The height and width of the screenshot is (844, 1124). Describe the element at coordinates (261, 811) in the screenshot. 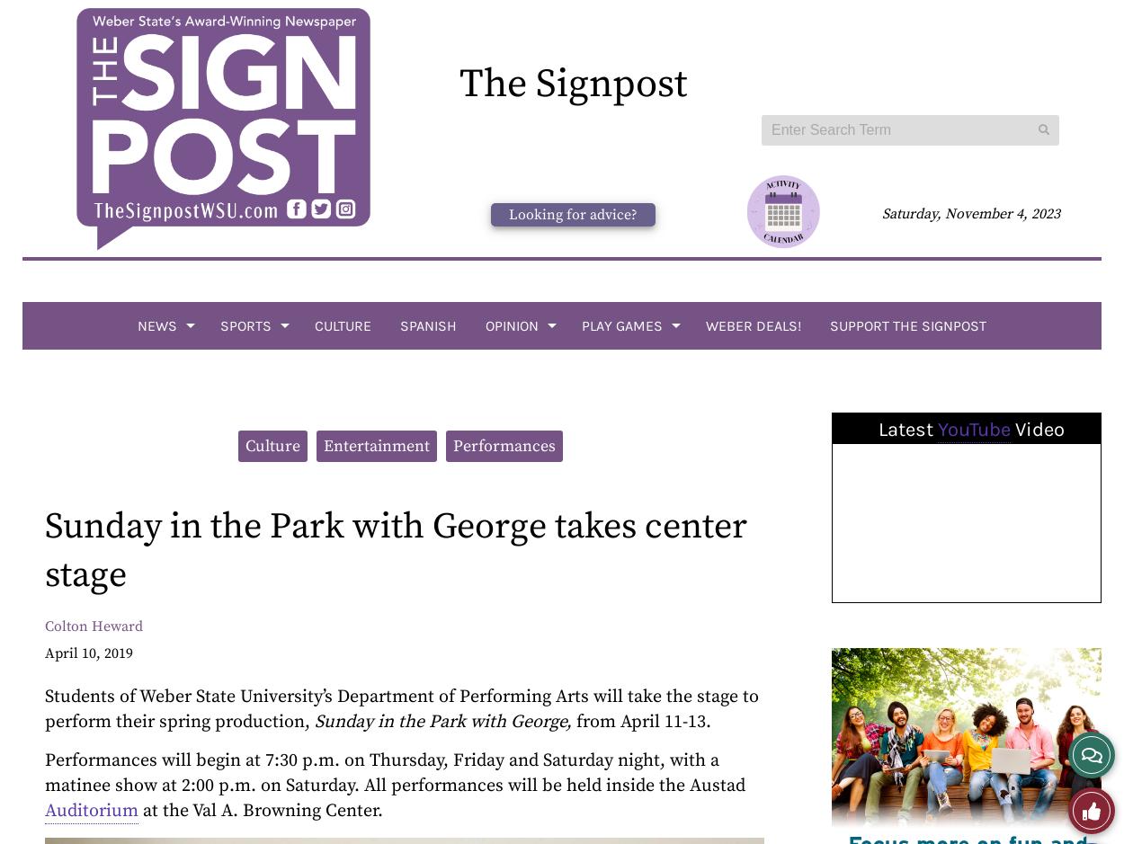

I see `'at the Val A. Browning Center.'` at that location.